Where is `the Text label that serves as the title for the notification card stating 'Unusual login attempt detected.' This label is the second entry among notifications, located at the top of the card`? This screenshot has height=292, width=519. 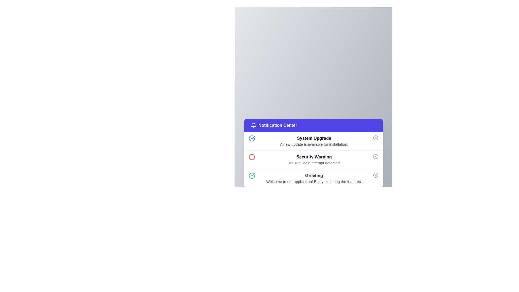
the Text label that serves as the title for the notification card stating 'Unusual login attempt detected.' This label is the second entry among notifications, located at the top of the card is located at coordinates (314, 157).